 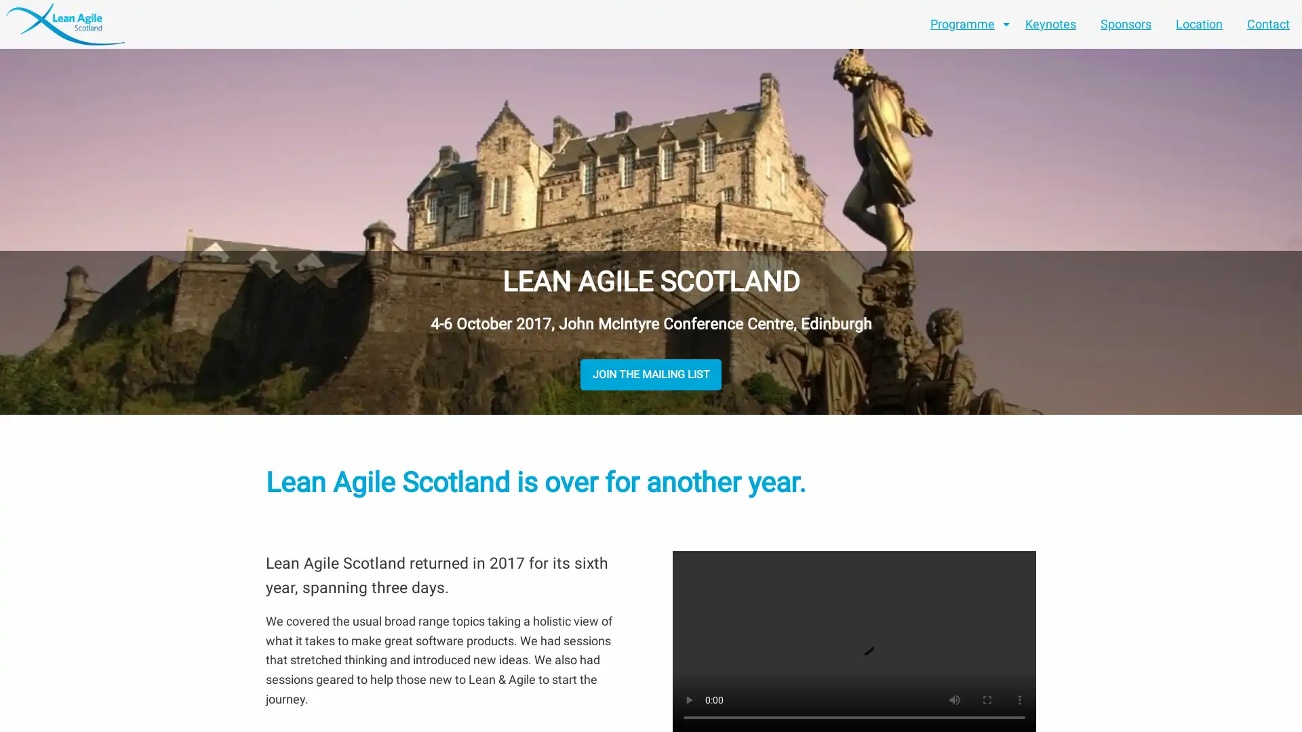 What do you see at coordinates (1019, 699) in the screenshot?
I see `show more media controls` at bounding box center [1019, 699].